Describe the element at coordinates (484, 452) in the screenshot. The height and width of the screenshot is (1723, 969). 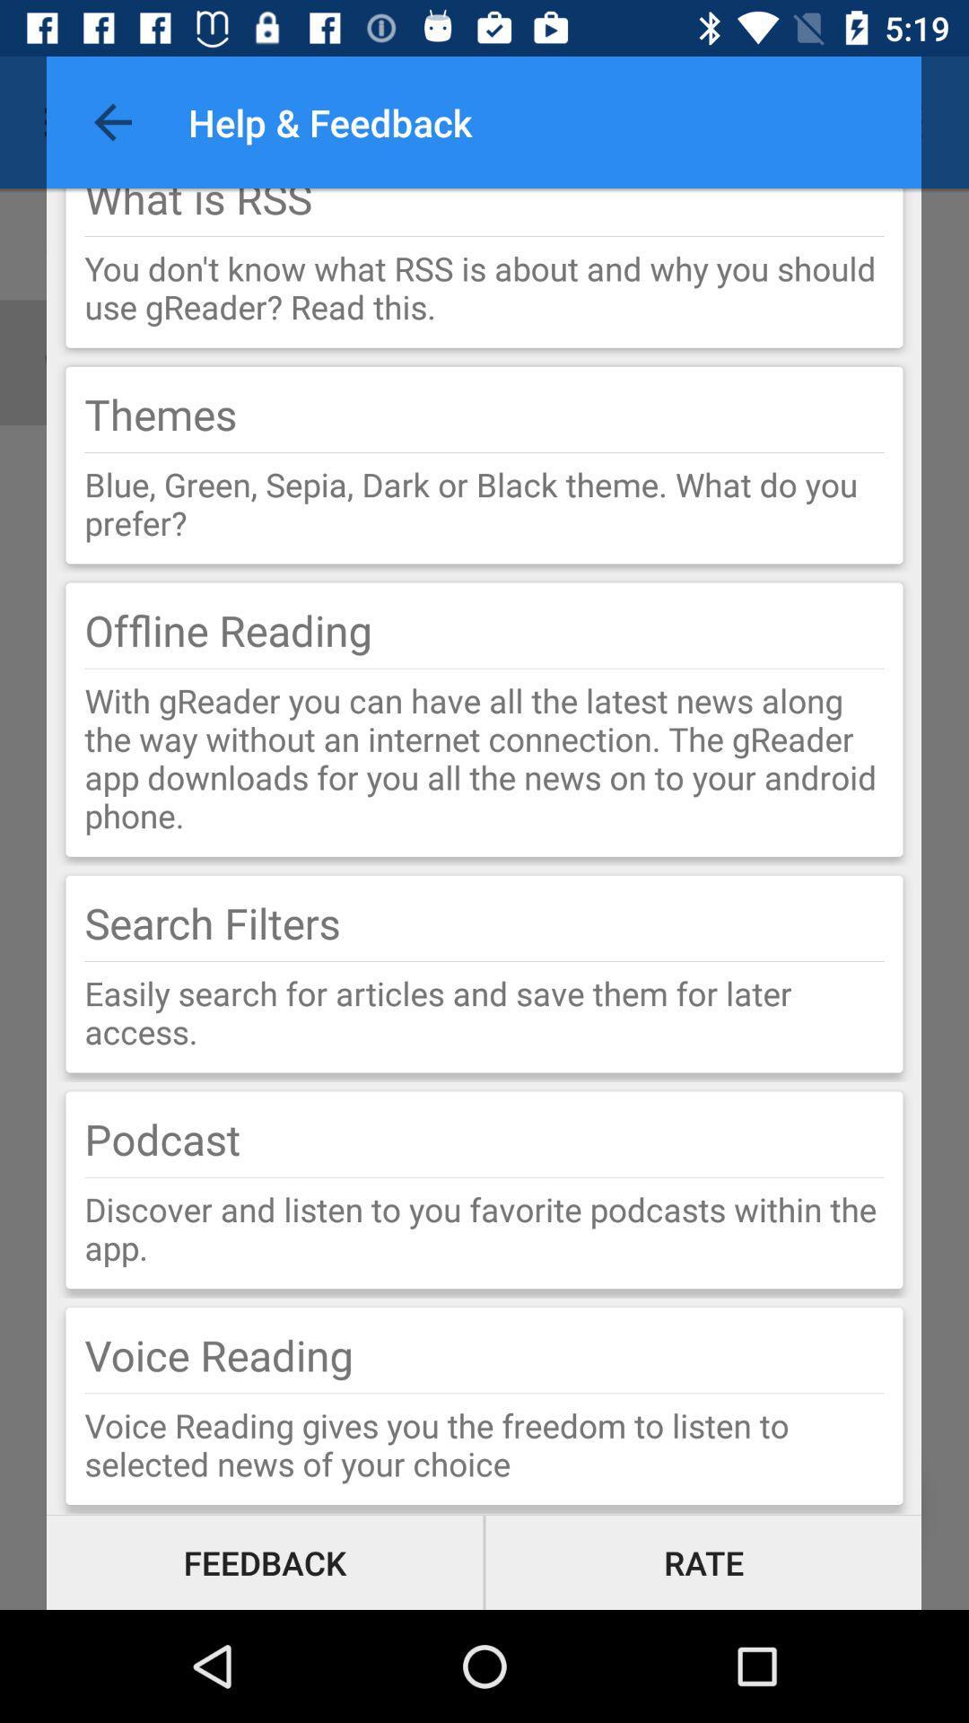
I see `item below the themes icon` at that location.